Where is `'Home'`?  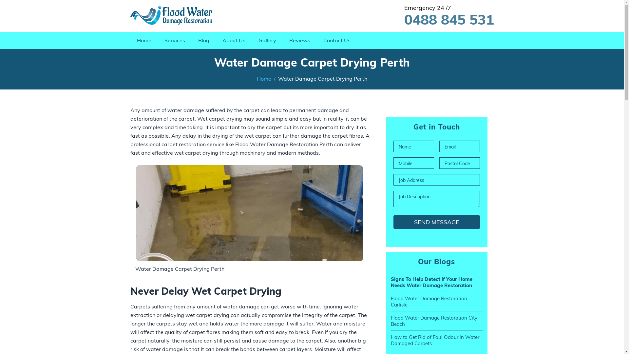 'Home' is located at coordinates (144, 40).